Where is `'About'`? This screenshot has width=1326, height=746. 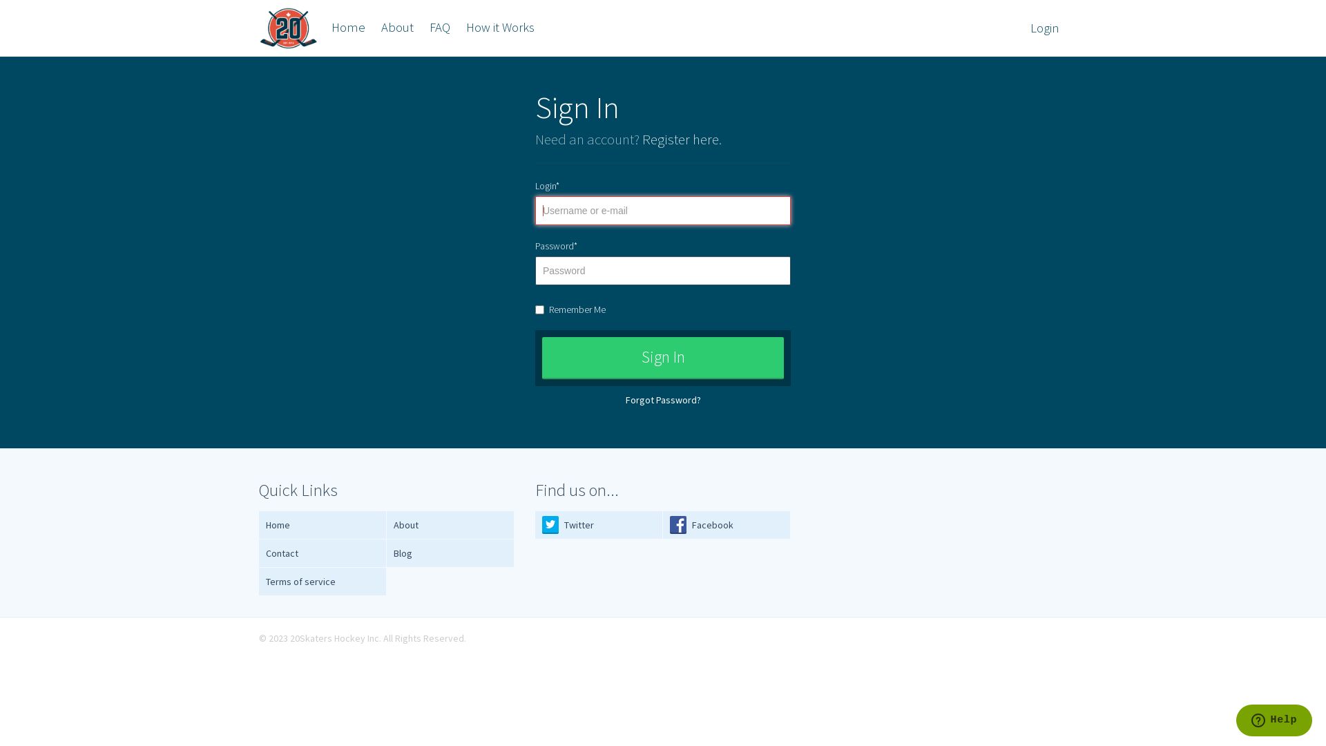 'About' is located at coordinates (450, 525).